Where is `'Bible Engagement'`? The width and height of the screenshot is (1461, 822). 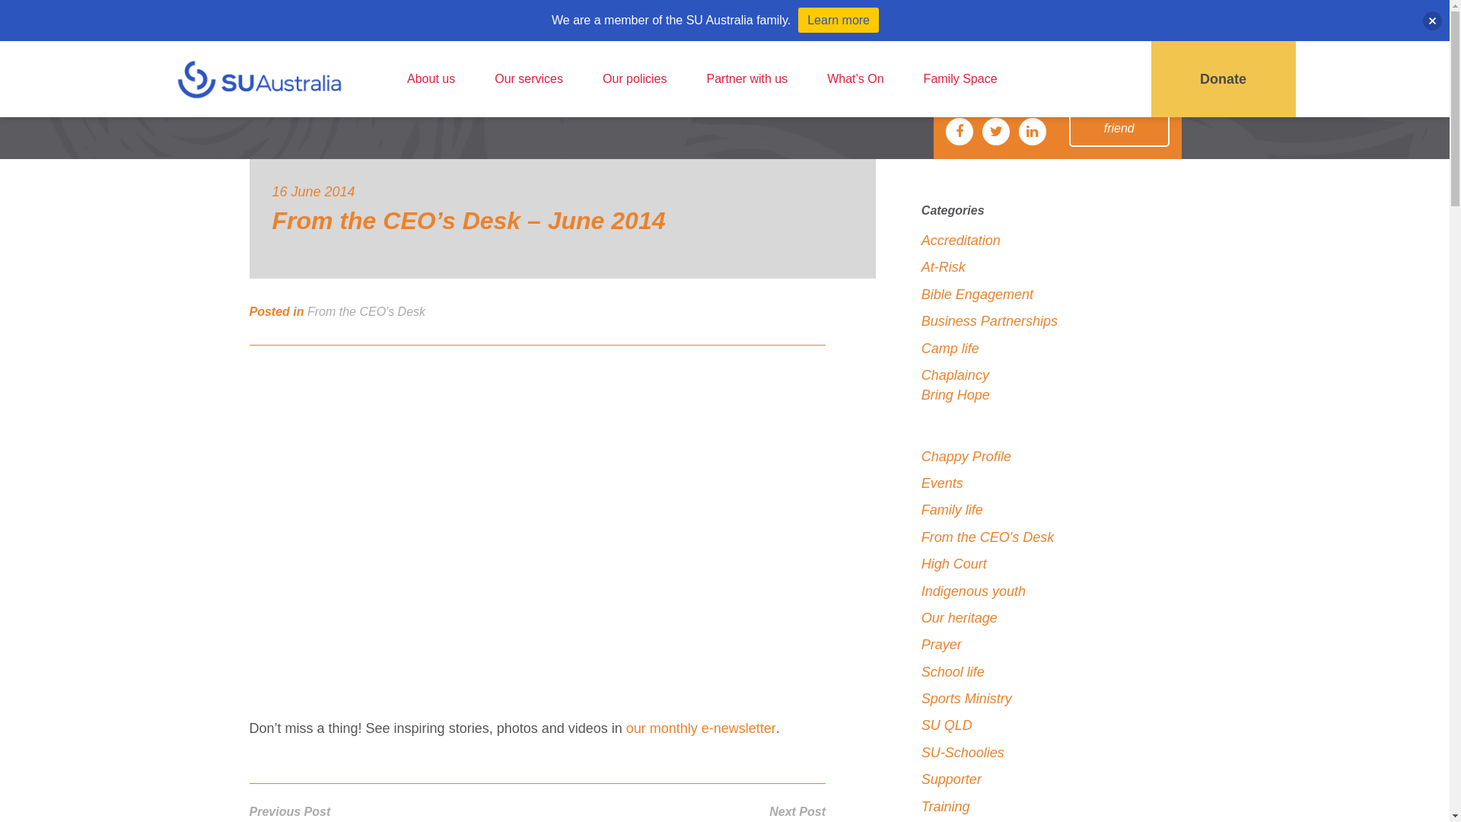 'Bible Engagement' is located at coordinates (977, 294).